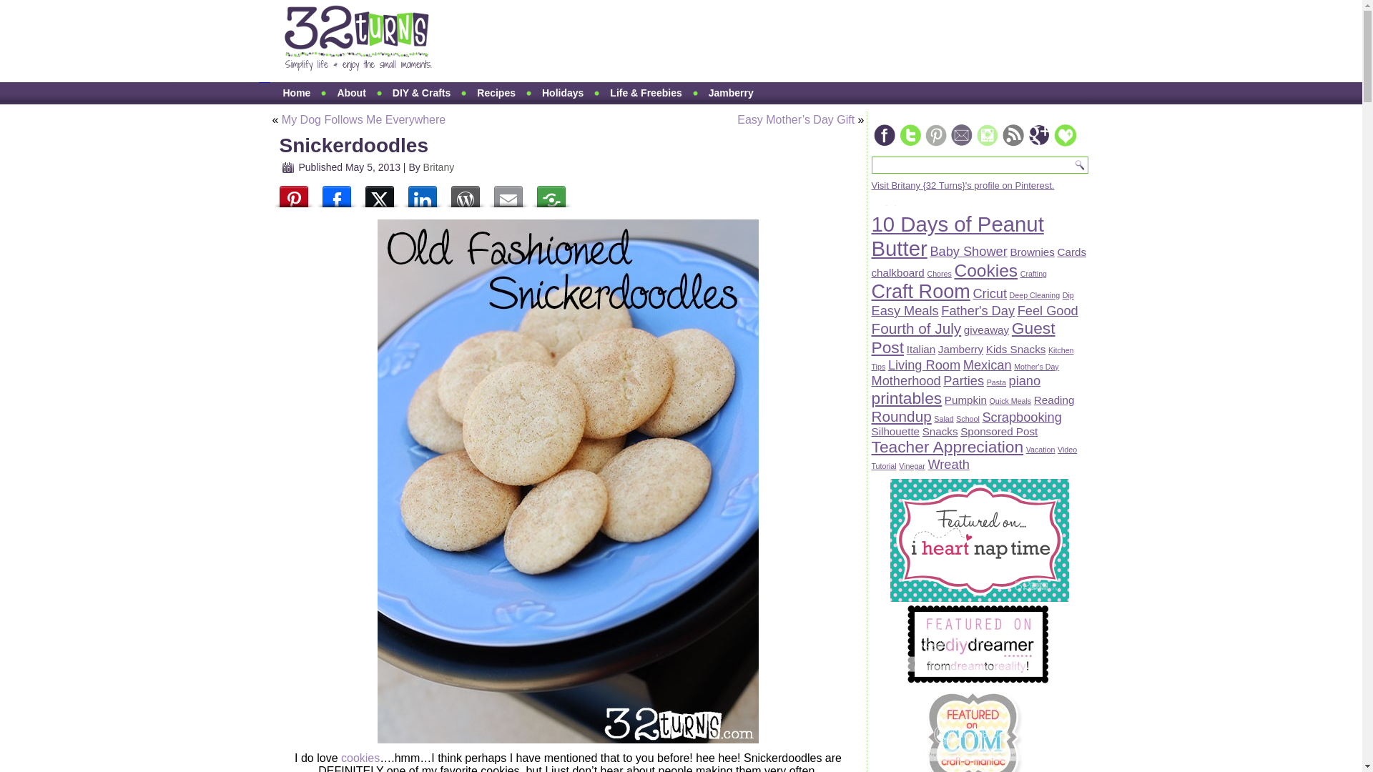 This screenshot has width=1373, height=772. I want to click on 'About', so click(350, 93).